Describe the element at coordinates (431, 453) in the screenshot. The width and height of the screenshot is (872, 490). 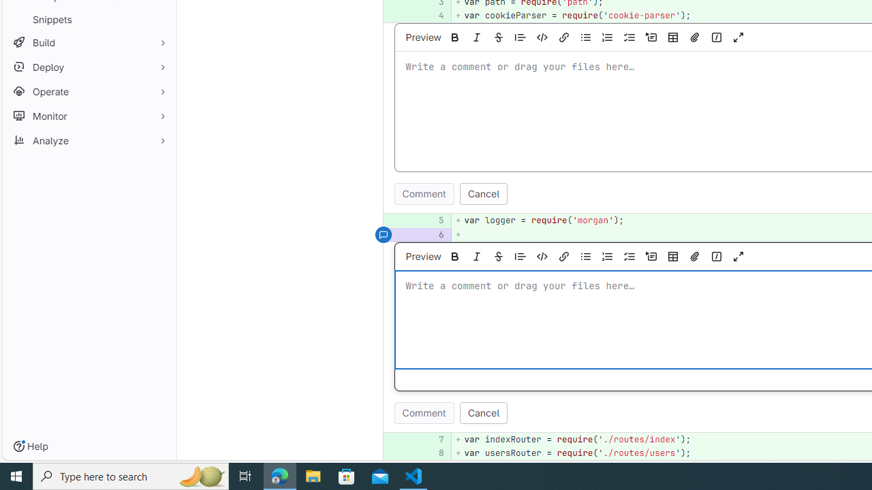
I see `'8'` at that location.